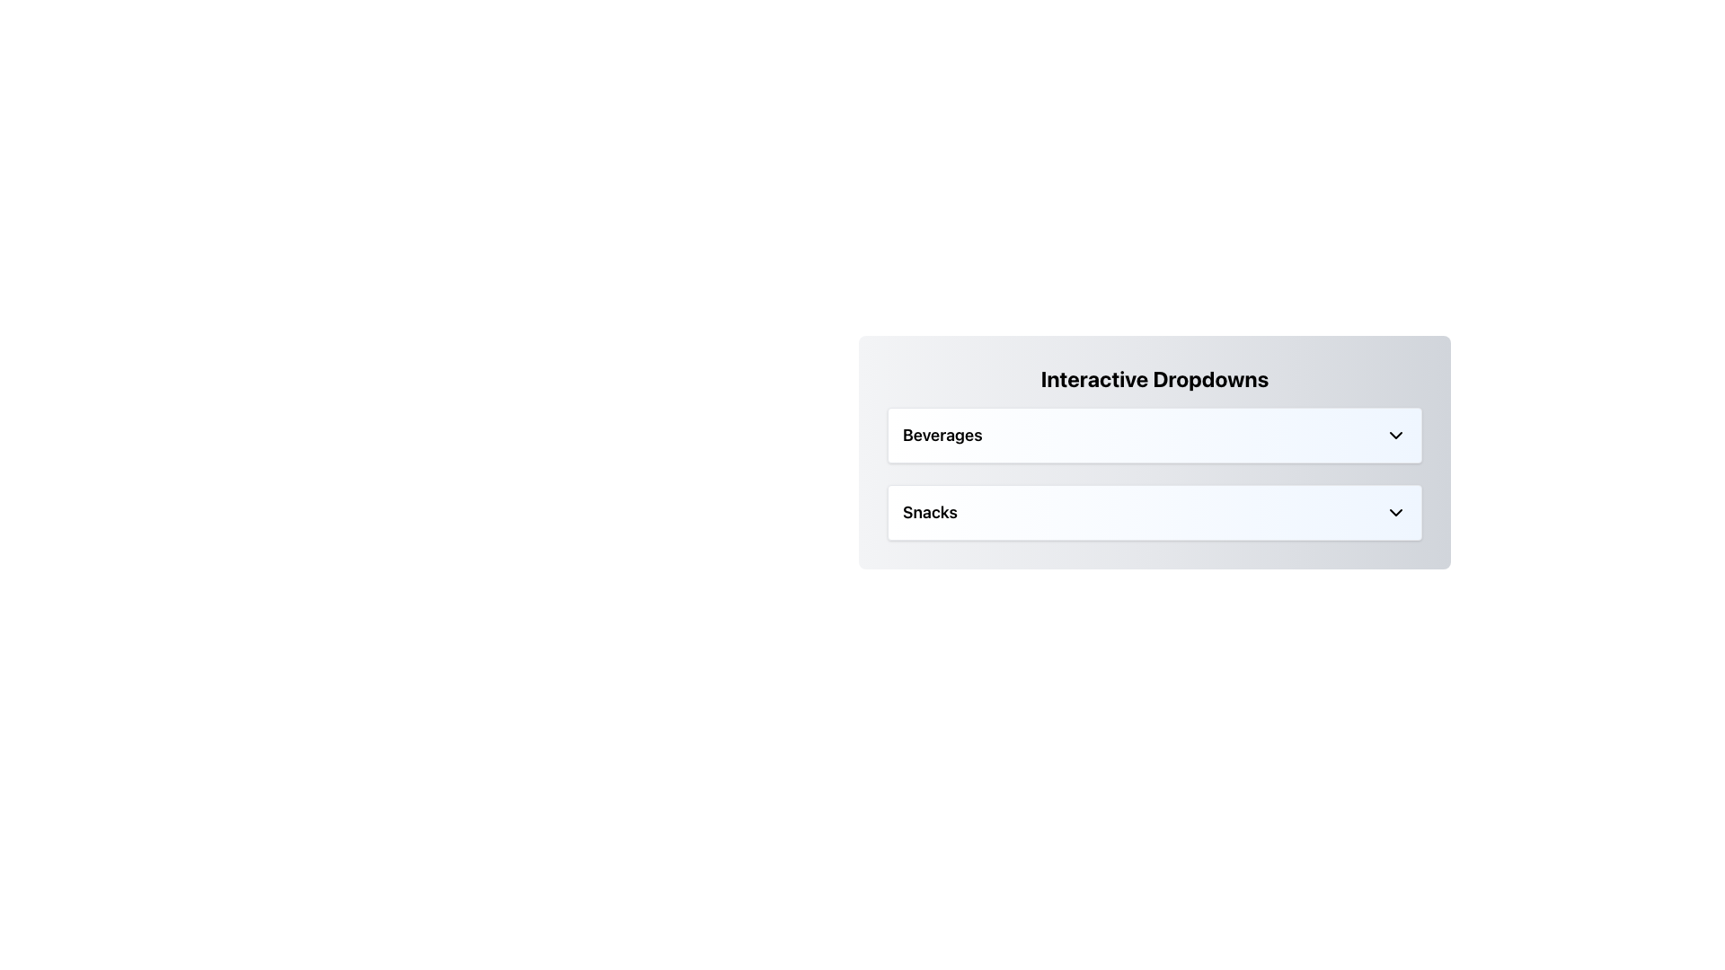 The height and width of the screenshot is (970, 1725). I want to click on the Dropdown Toggle labeled 'Beverages', so click(1154, 436).